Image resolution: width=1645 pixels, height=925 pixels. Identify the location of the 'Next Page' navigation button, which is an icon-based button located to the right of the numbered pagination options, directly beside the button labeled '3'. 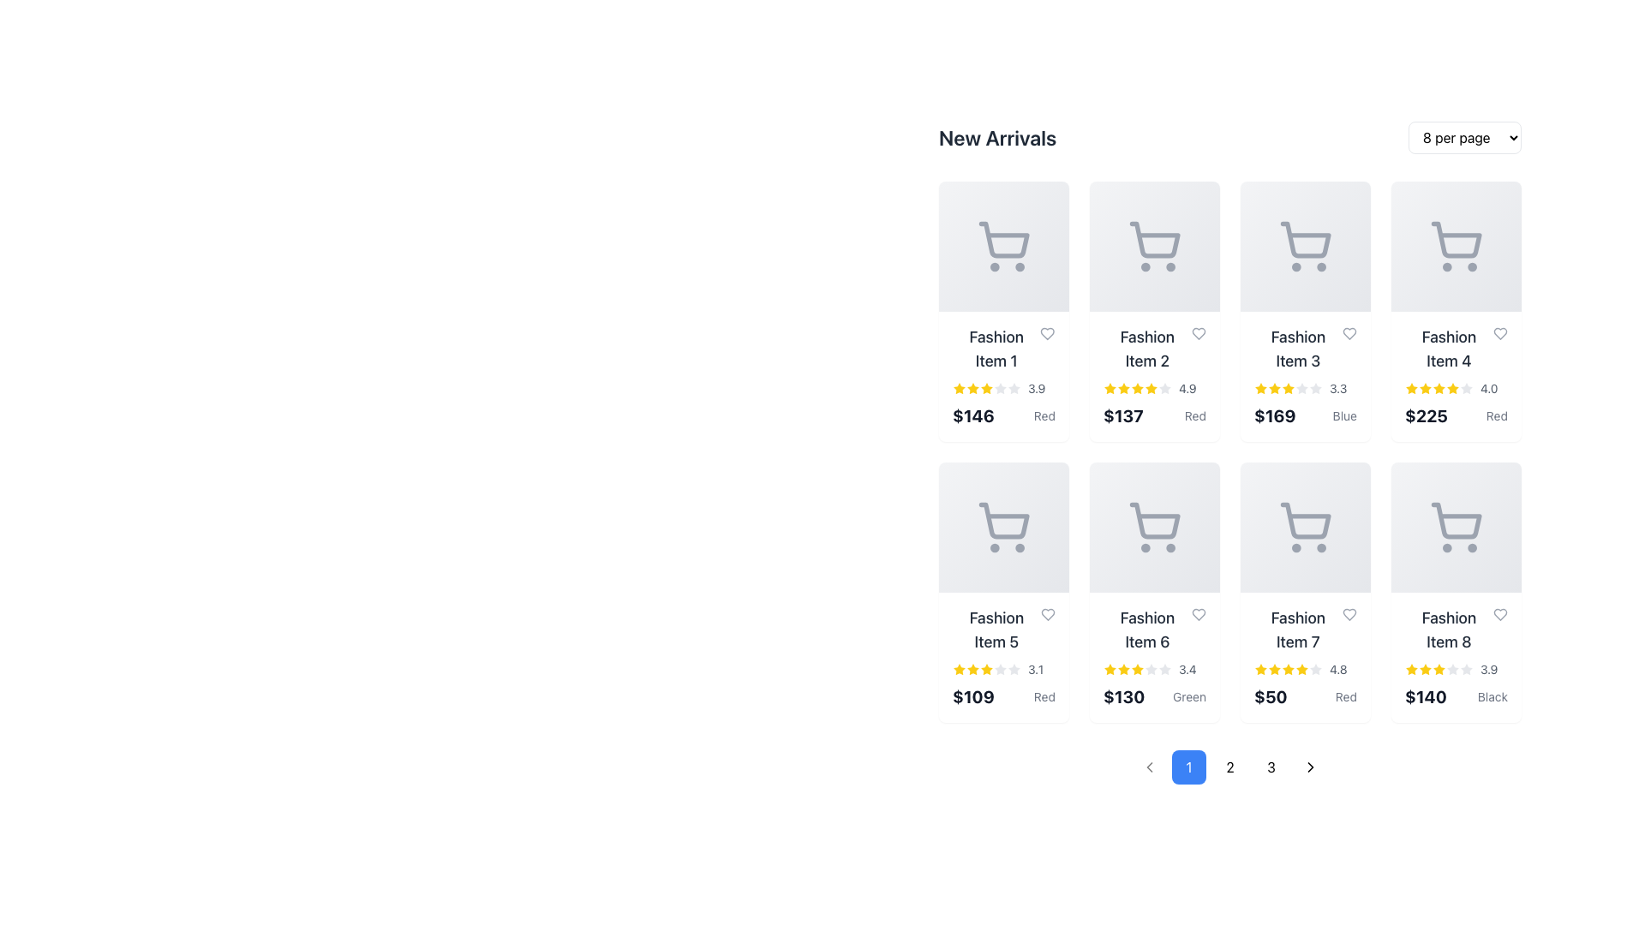
(1310, 766).